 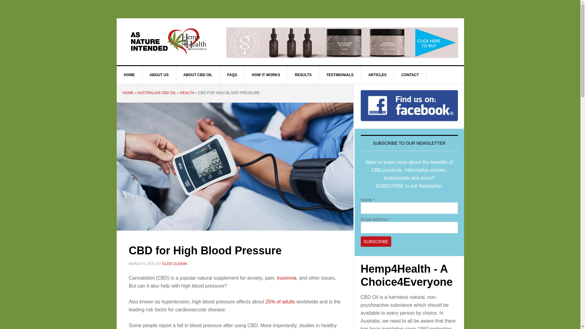 What do you see at coordinates (187, 93) in the screenshot?
I see `'HEALTH'` at bounding box center [187, 93].